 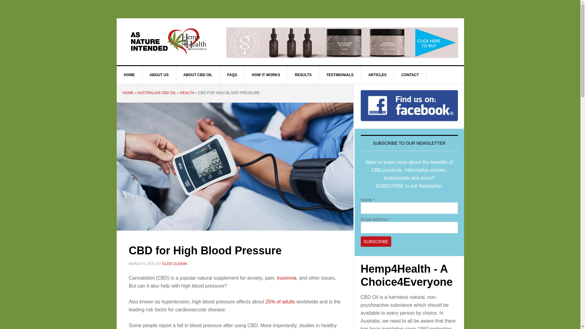 What do you see at coordinates (187, 93) in the screenshot?
I see `'HEALTH'` at bounding box center [187, 93].